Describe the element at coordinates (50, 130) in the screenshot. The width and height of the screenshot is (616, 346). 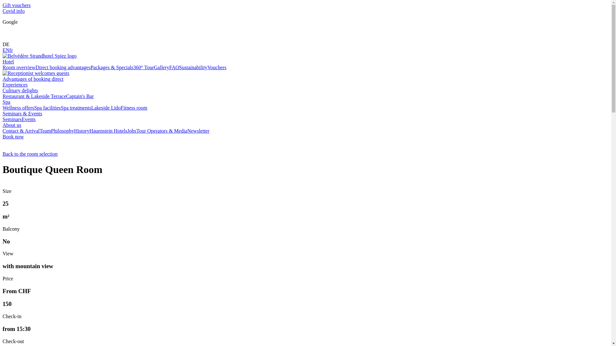
I see `'Philosophy'` at that location.